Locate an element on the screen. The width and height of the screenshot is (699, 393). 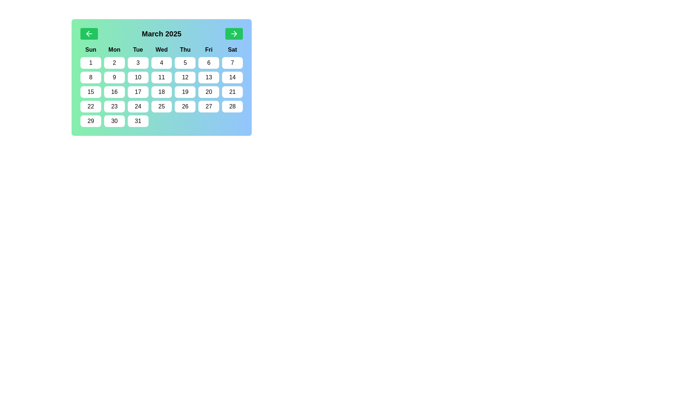
the white rectangular button with rounded corners displaying the number '3' in black, located in the third column of the first row under the 'Tue' header in the calendar grid is located at coordinates (138, 63).